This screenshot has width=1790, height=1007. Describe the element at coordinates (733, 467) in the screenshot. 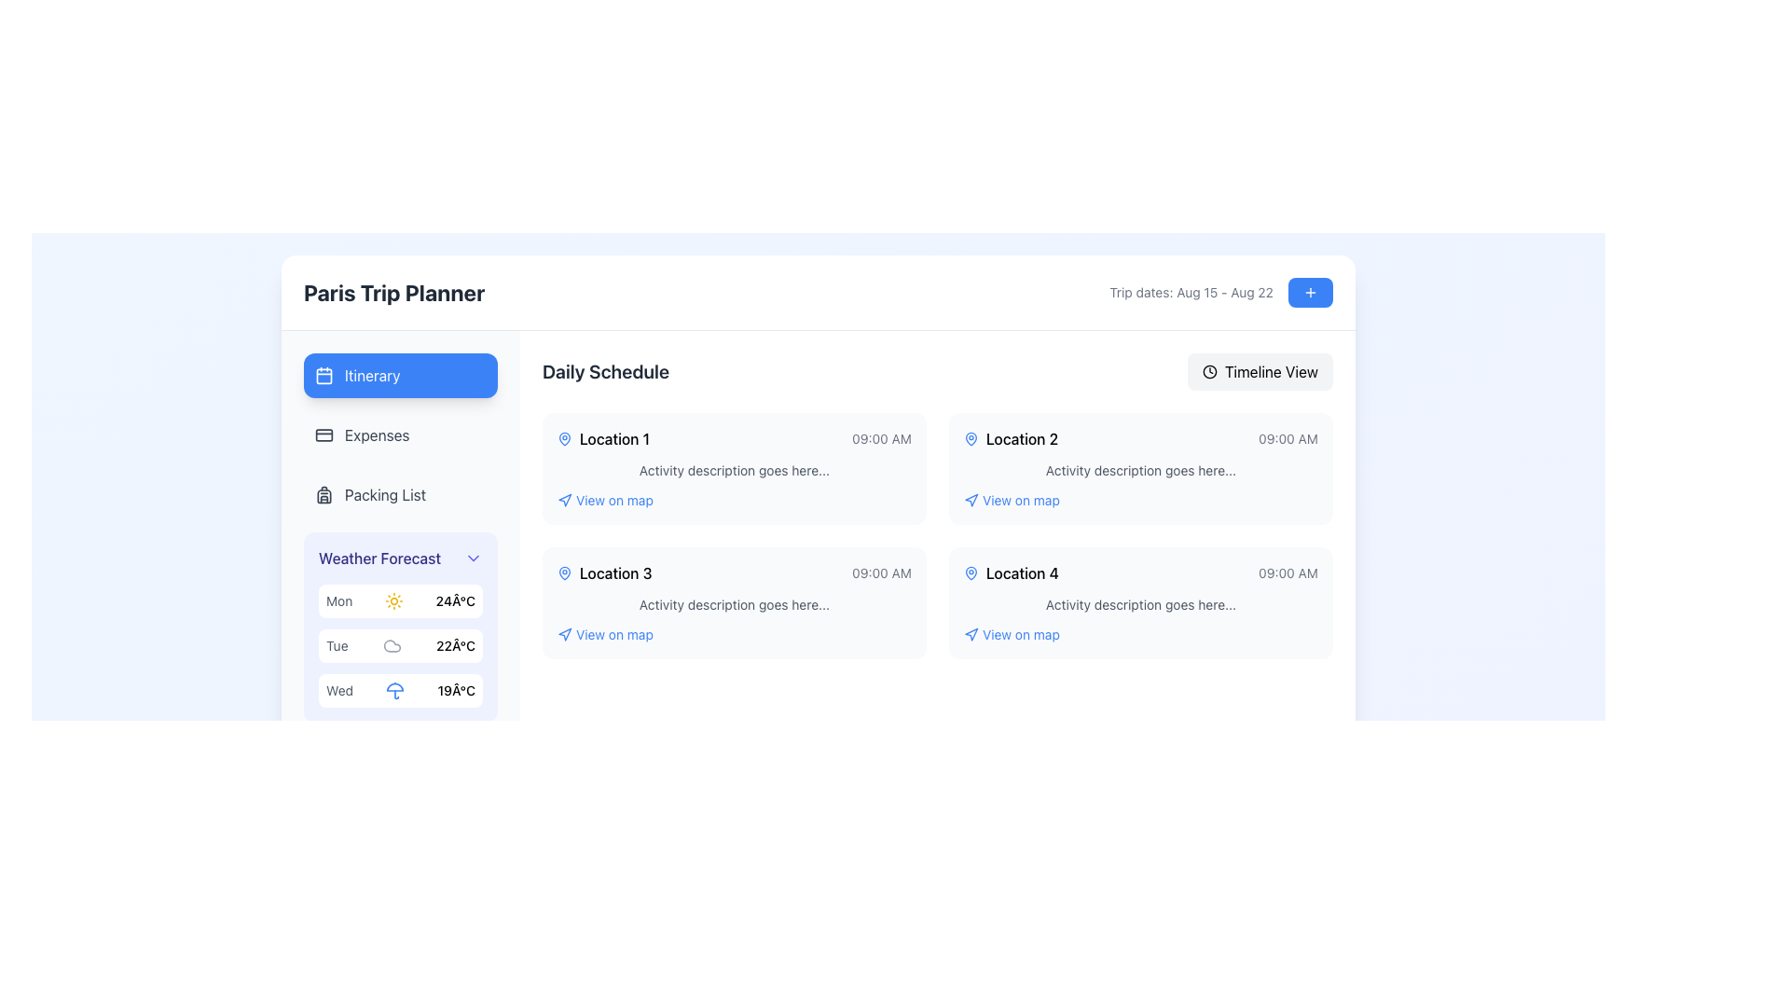

I see `the first informational card in the Daily Schedule section, which contains a blue map pin icon and the text 'Location 1'` at that location.